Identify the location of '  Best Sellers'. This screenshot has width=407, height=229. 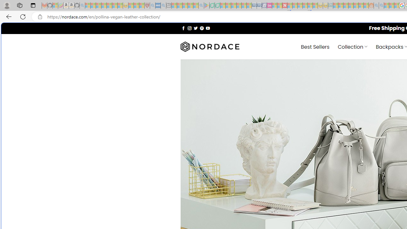
(315, 46).